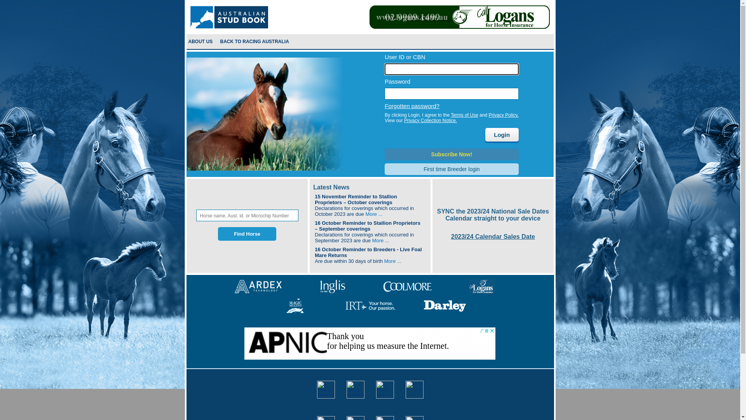  Describe the element at coordinates (246, 233) in the screenshot. I see `'Find Horse'` at that location.